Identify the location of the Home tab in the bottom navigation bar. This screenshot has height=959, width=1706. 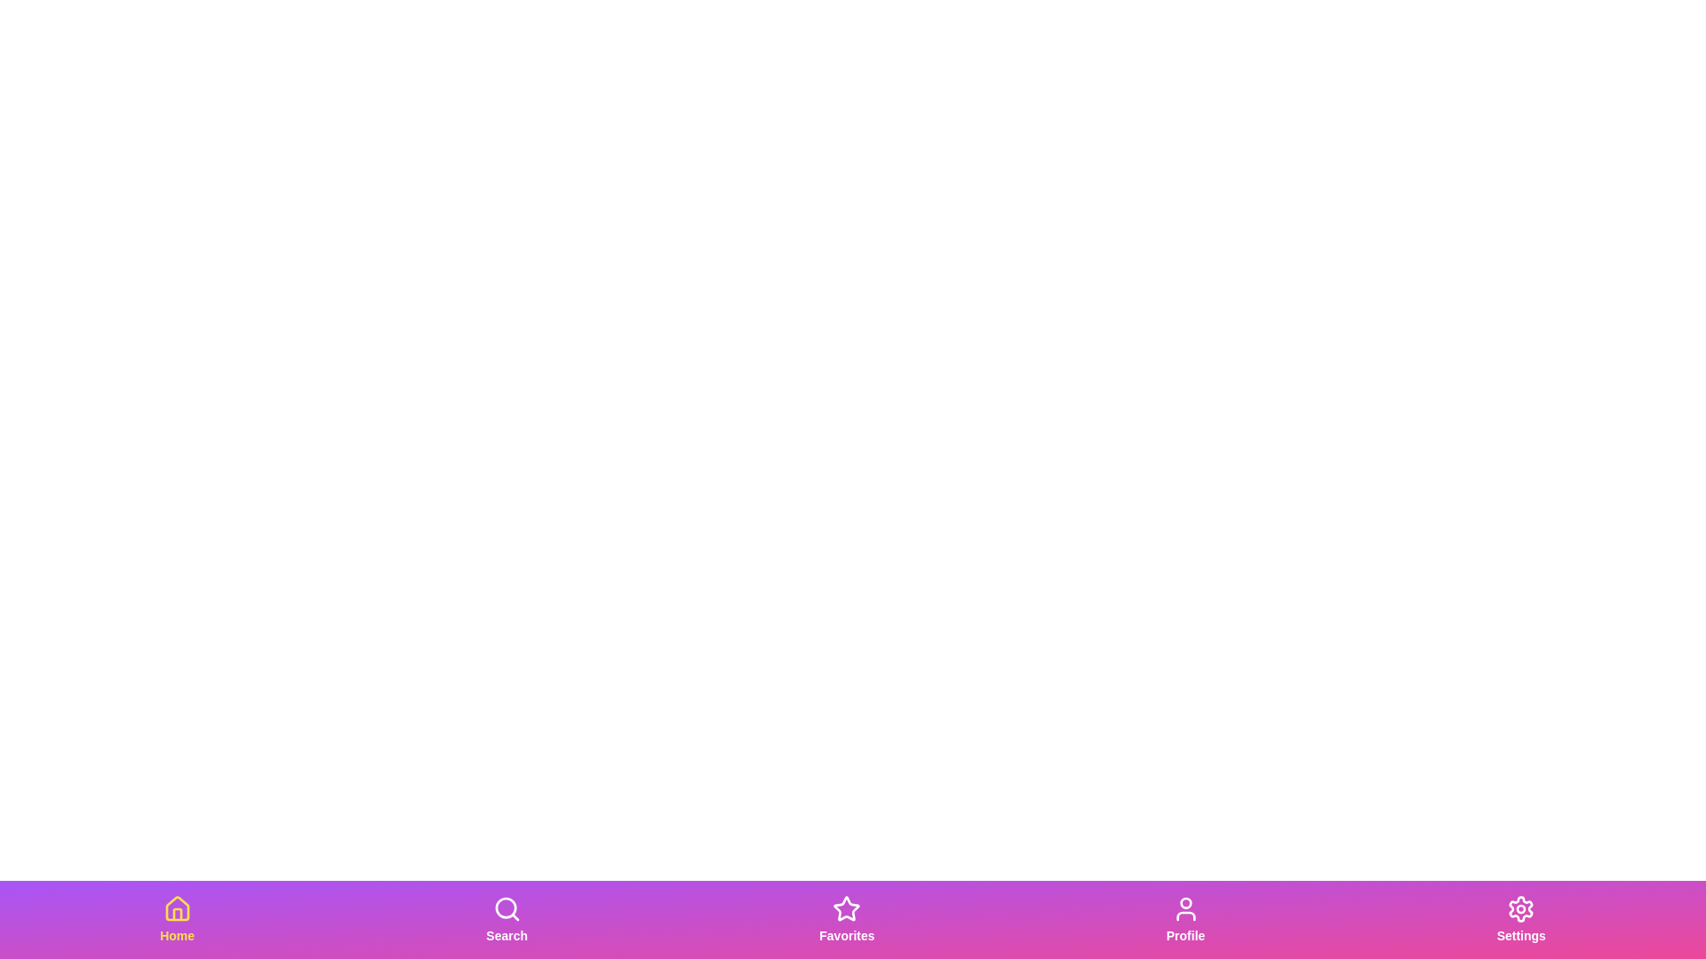
(177, 919).